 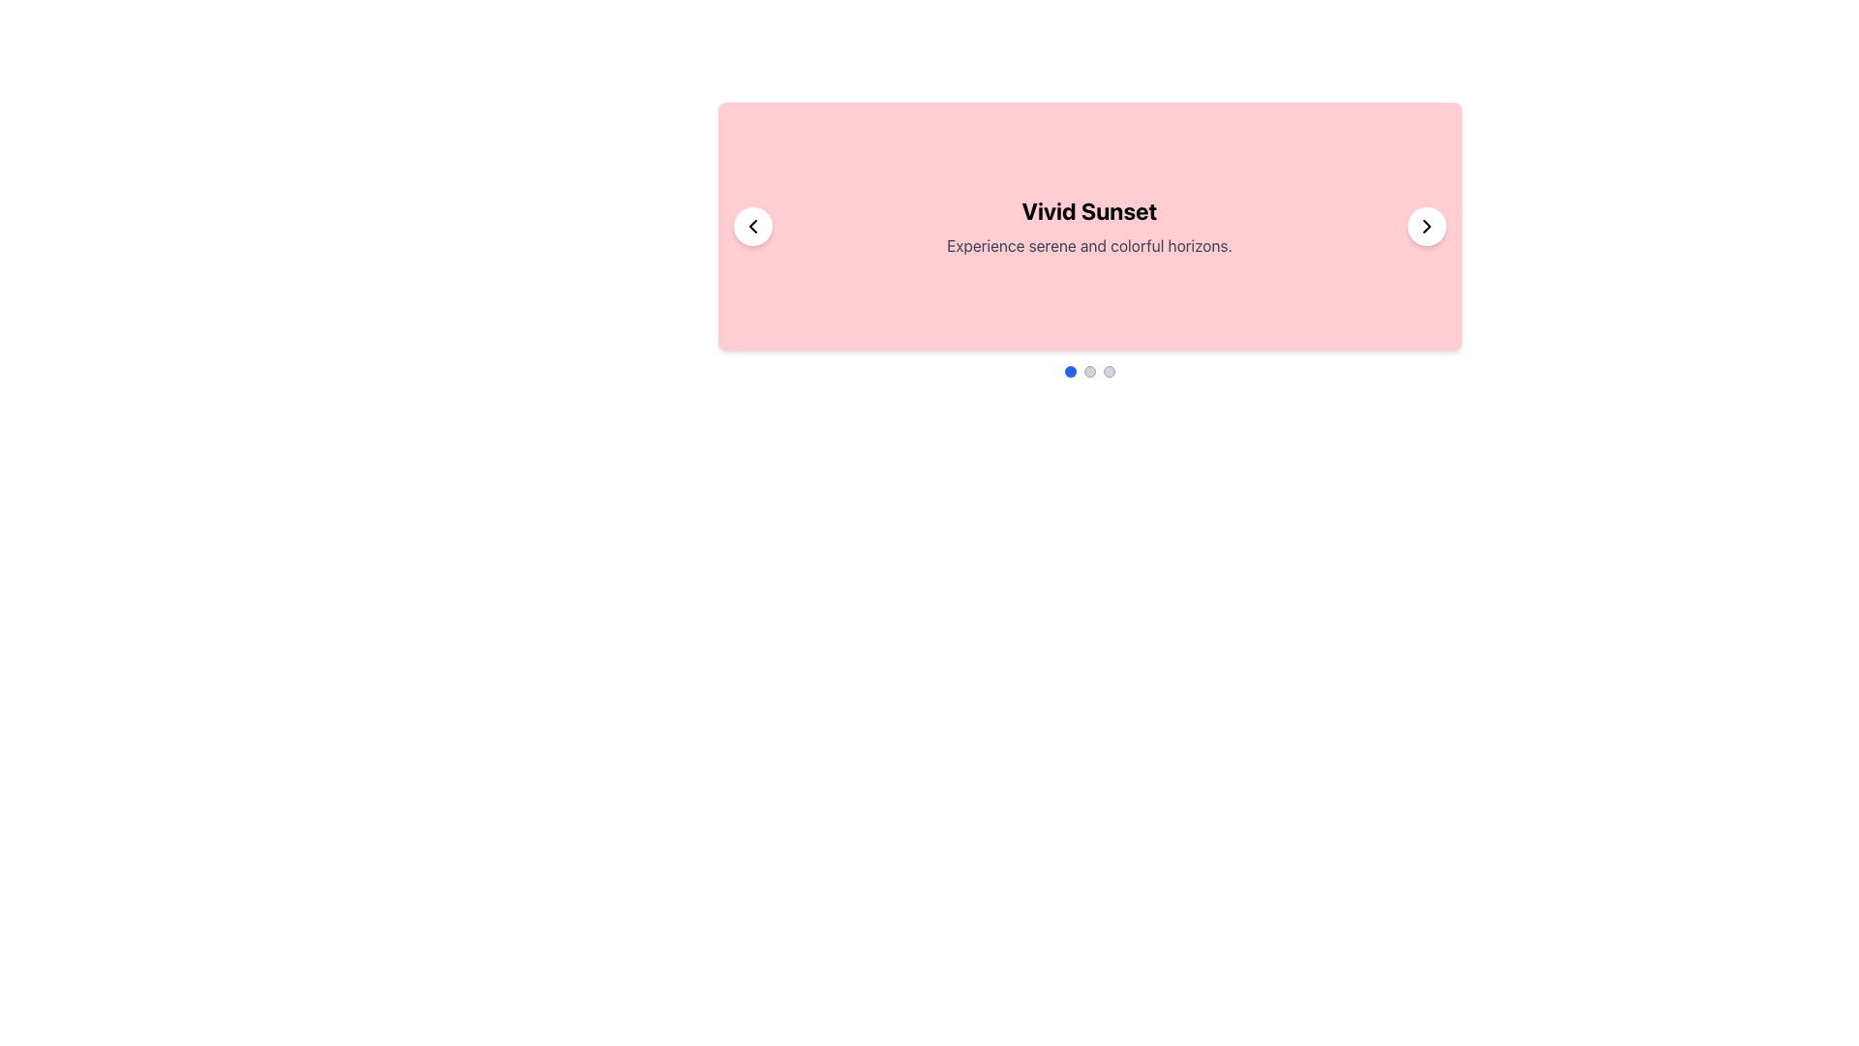 What do you see at coordinates (1089, 245) in the screenshot?
I see `the text label that reads 'Experience serene and colorful horizons.' styled in gray color below the heading 'Vivid Sunset'` at bounding box center [1089, 245].